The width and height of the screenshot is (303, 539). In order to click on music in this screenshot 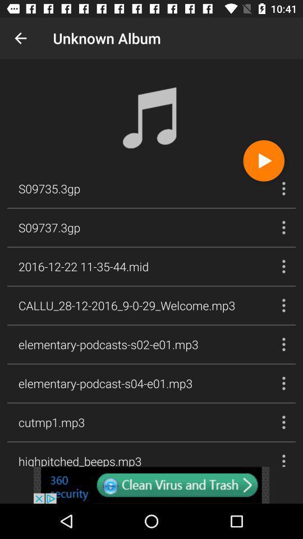, I will do `click(264, 160)`.